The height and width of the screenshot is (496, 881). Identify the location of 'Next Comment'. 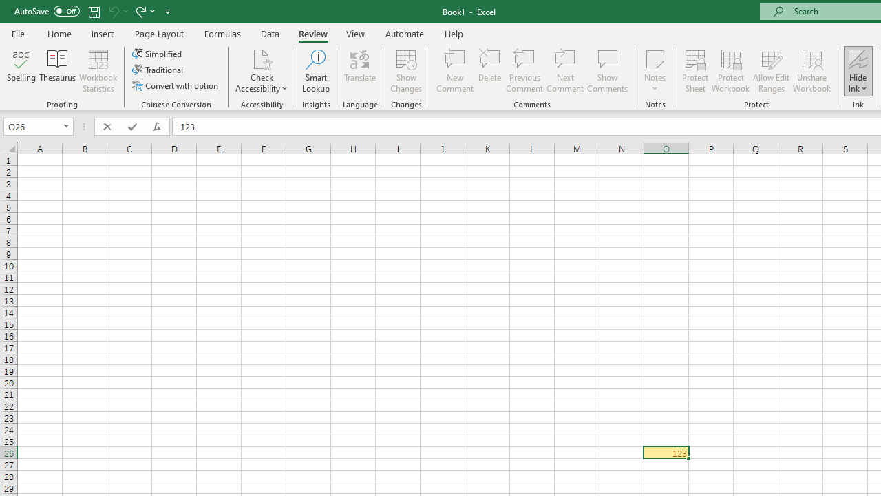
(565, 71).